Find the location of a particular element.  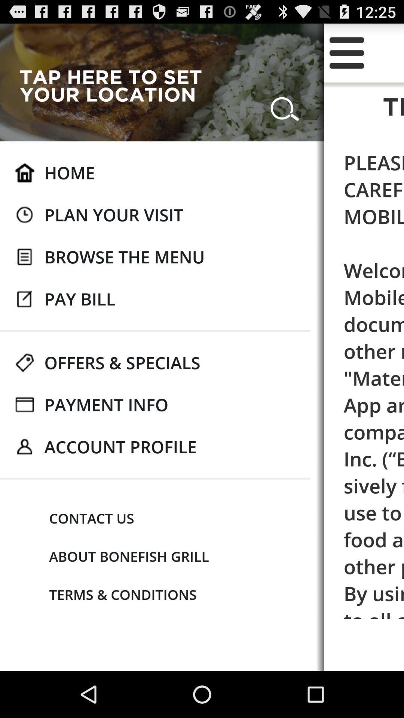

icon above the account profile is located at coordinates (106, 404).